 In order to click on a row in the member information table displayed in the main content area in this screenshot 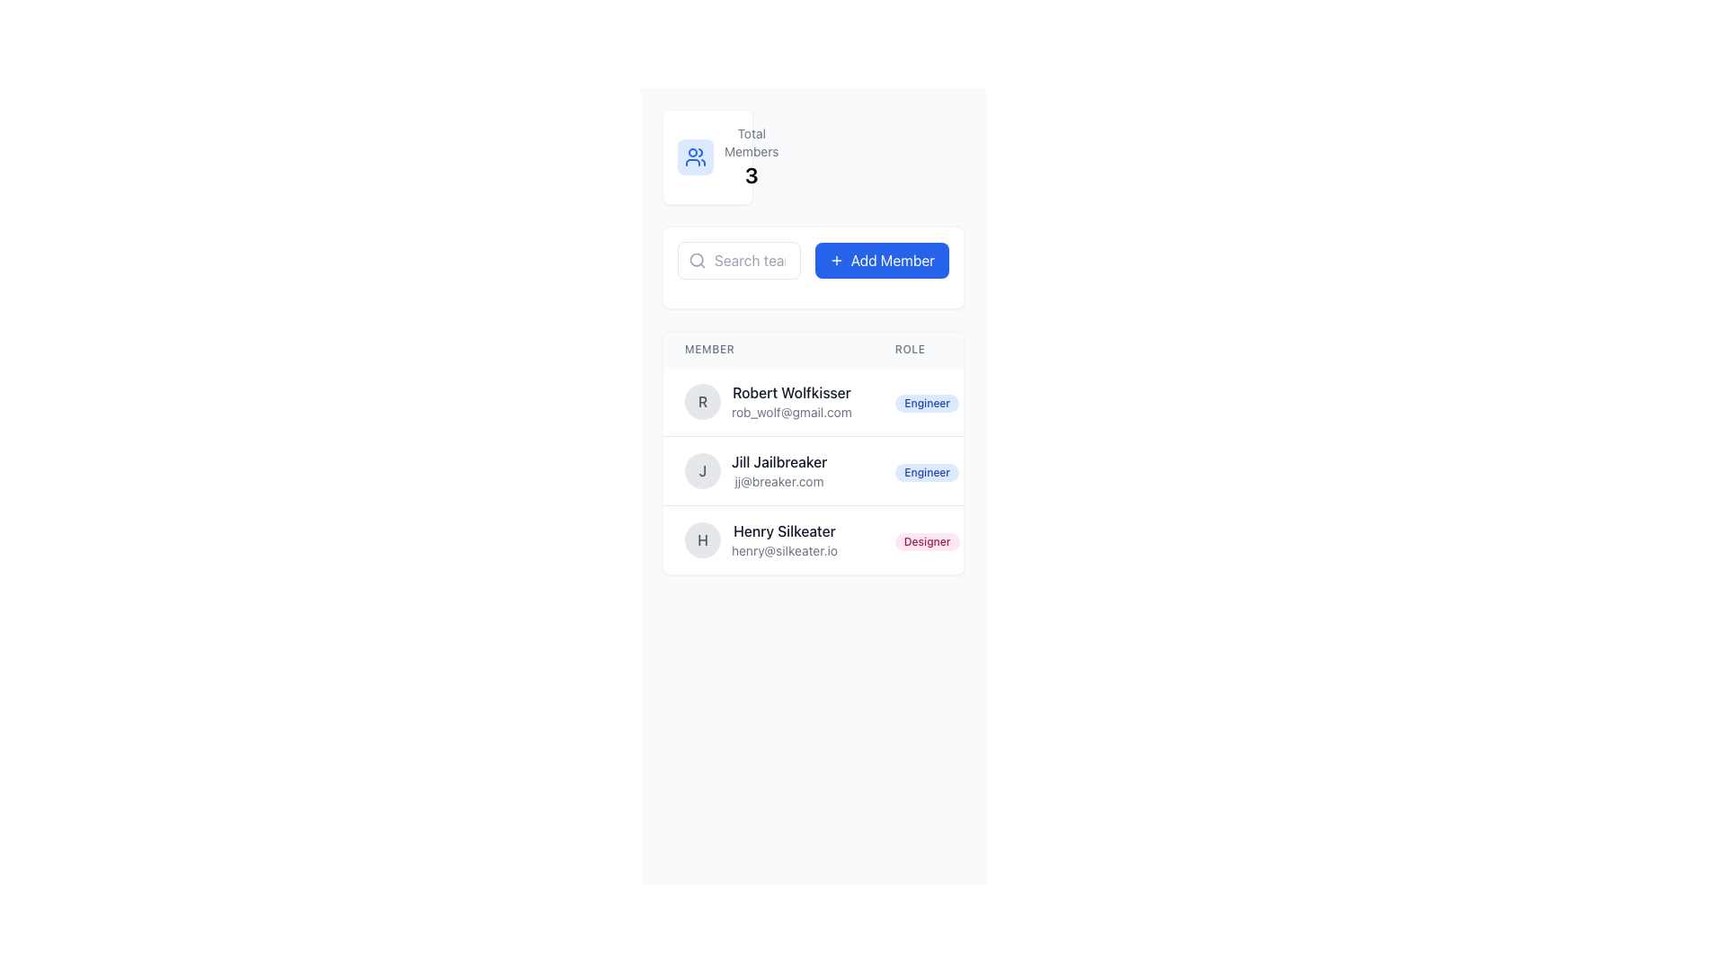, I will do `click(981, 452)`.